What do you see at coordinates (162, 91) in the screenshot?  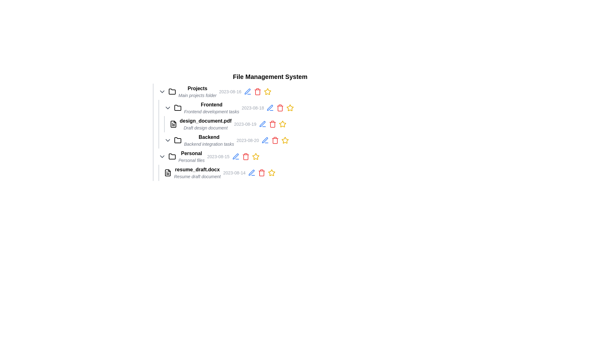 I see `the downward-pointing chevron icon located to the left of the 'Projects' label` at bounding box center [162, 91].